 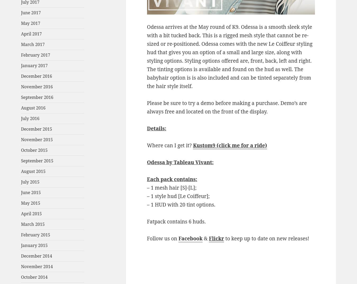 What do you see at coordinates (20, 150) in the screenshot?
I see `'October 2015'` at bounding box center [20, 150].